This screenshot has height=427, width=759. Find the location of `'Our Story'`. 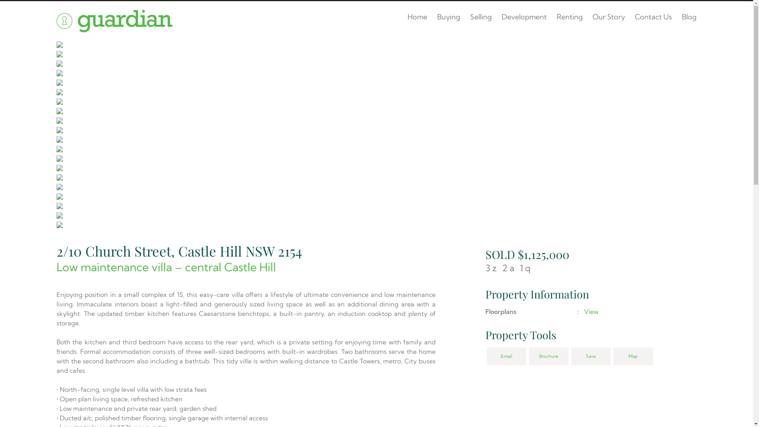

'Our Story' is located at coordinates (608, 17).